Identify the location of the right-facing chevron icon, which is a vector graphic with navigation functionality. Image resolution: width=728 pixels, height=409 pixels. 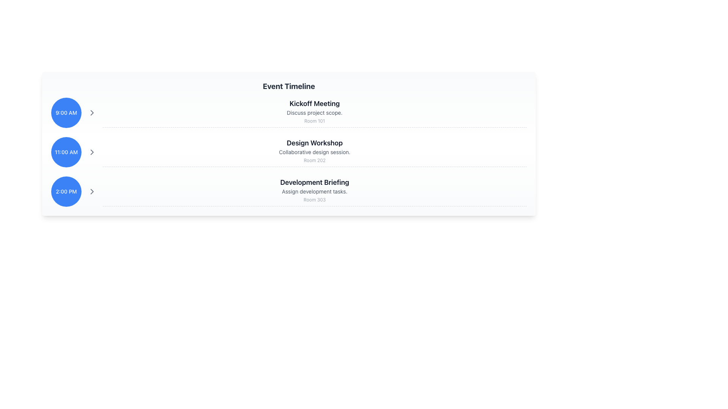
(92, 112).